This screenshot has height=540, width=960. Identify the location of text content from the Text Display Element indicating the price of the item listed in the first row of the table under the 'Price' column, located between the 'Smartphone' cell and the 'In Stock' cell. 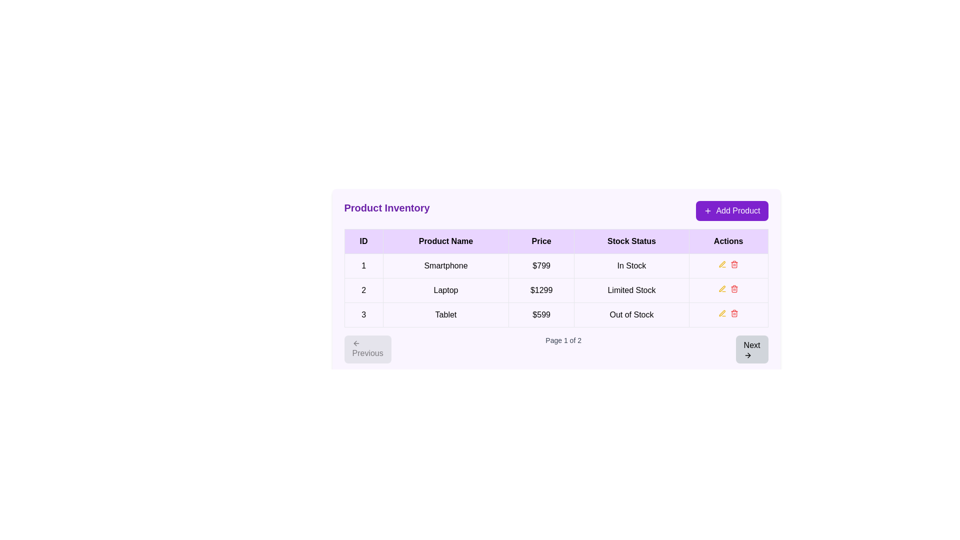
(541, 265).